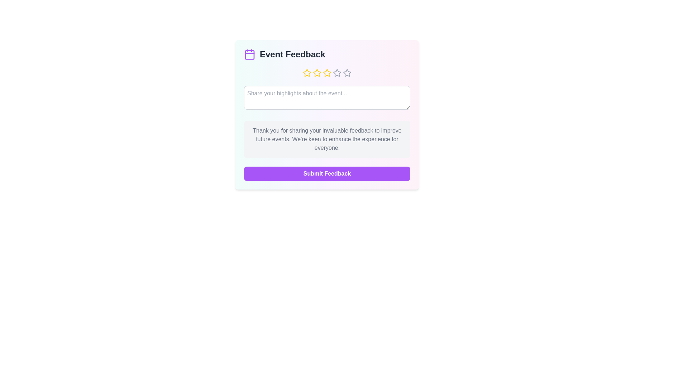 The image size is (688, 387). What do you see at coordinates (326, 174) in the screenshot?
I see `the 'Submit Feedback' button to submit the feedback` at bounding box center [326, 174].